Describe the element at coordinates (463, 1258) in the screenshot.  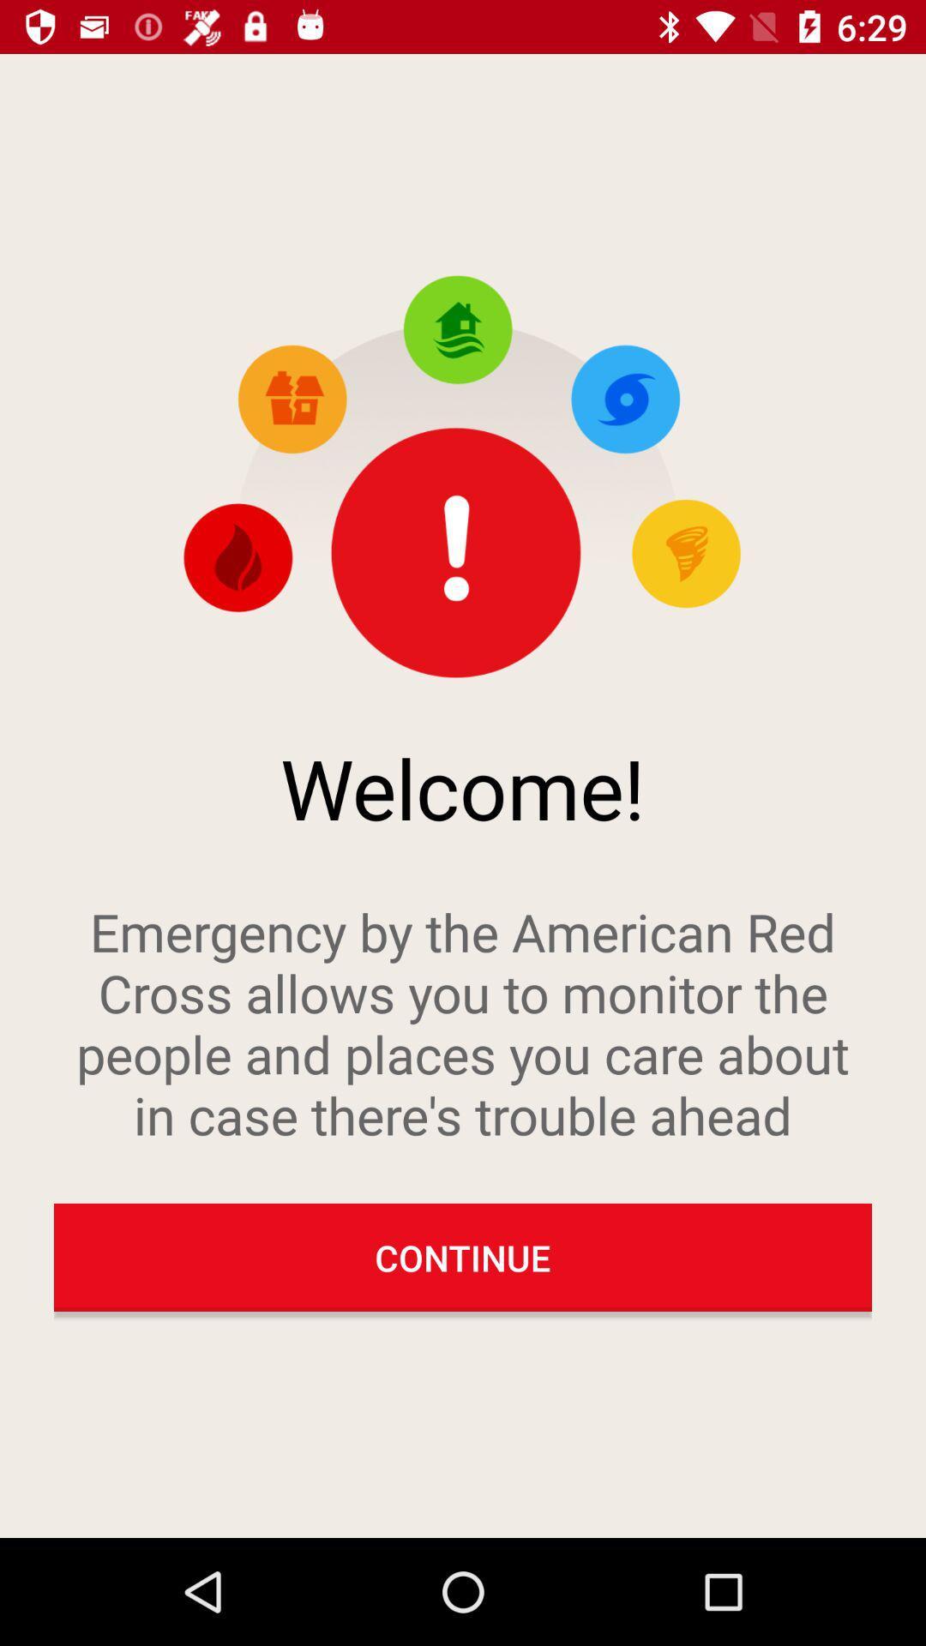
I see `the item below emergency by the icon` at that location.